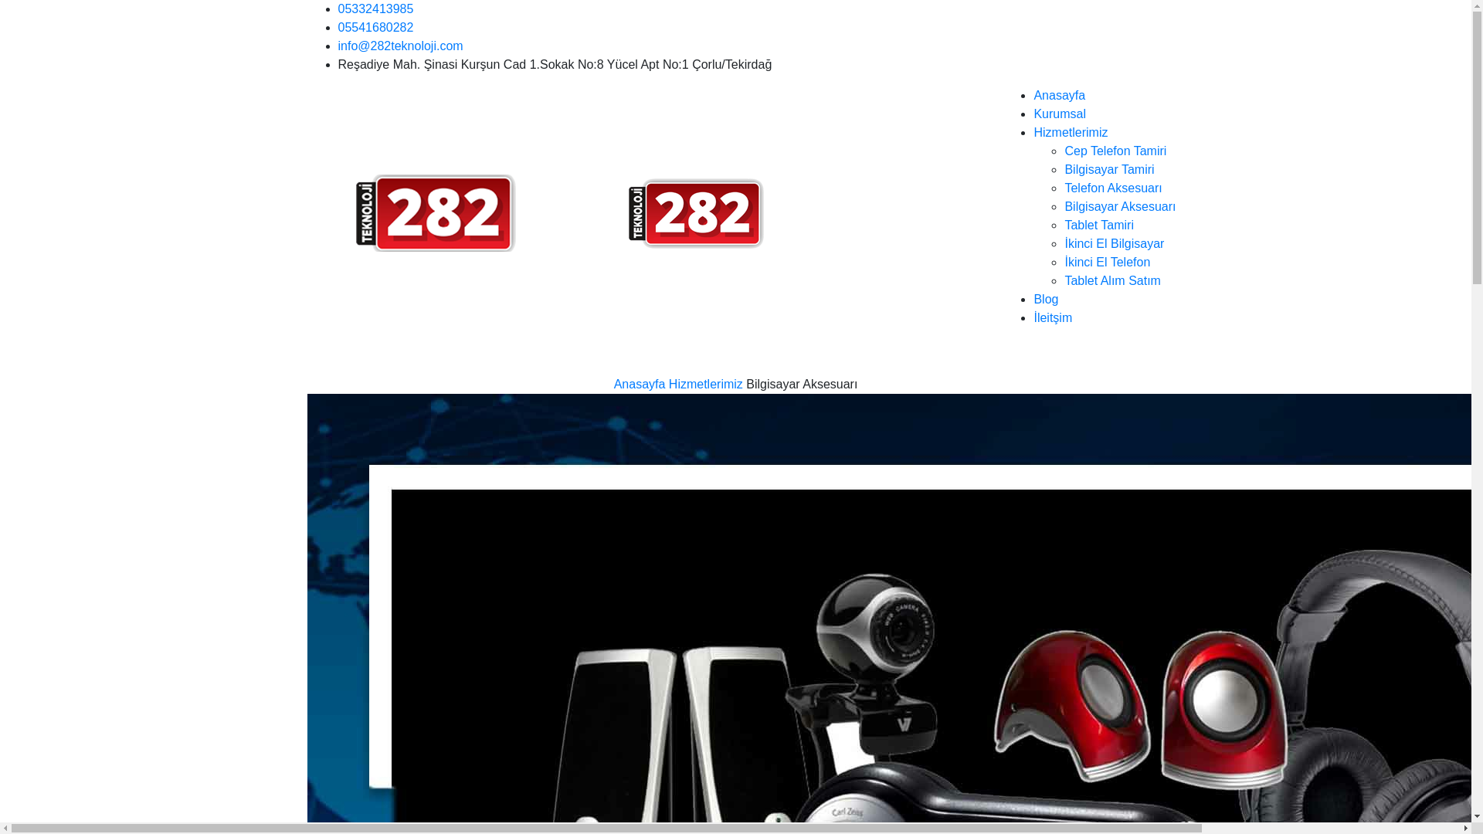  I want to click on 'Hizmetlerimiz', so click(704, 383).